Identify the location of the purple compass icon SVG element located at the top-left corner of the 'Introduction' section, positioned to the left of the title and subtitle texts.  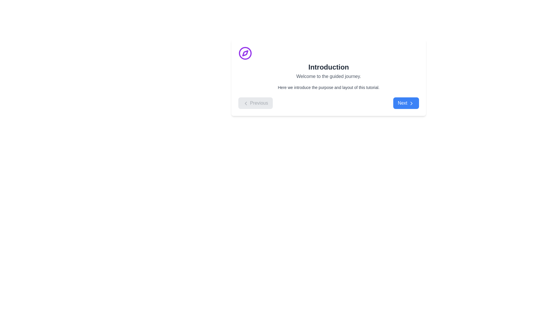
(245, 53).